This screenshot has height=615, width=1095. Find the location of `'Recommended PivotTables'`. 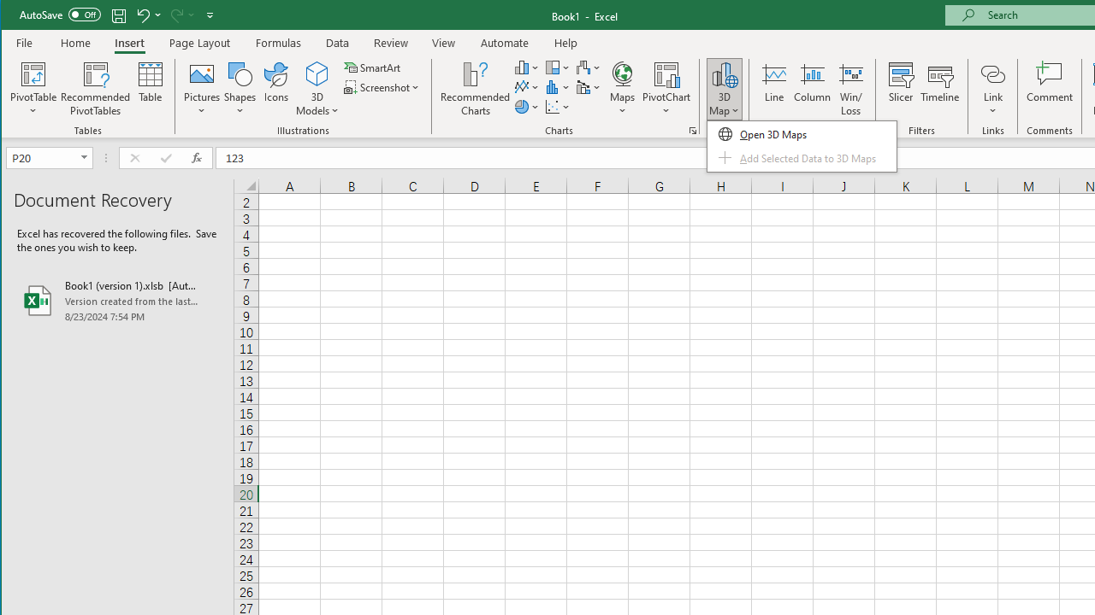

'Recommended PivotTables' is located at coordinates (95, 89).